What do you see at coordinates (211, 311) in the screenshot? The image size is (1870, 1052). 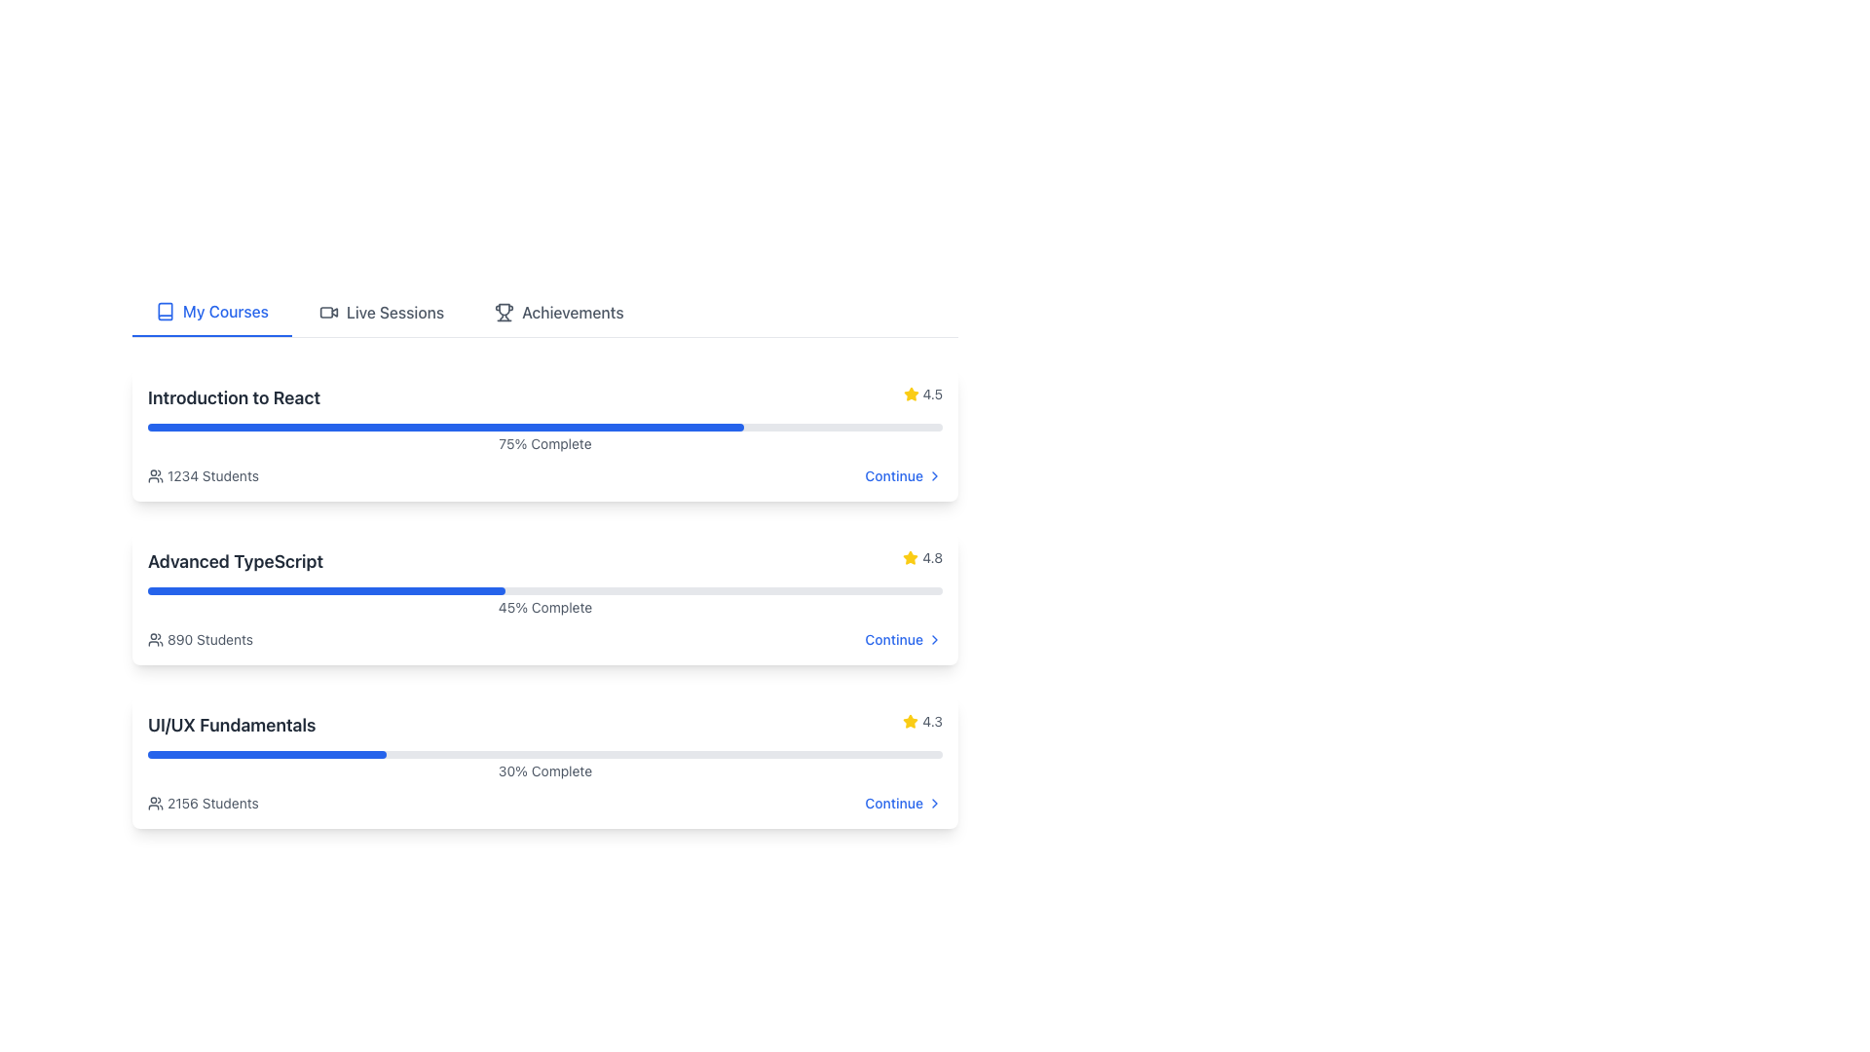 I see `the 'My Courses' tab navigation button, which features a blue book icon and is the first option in the tab navigation bar` at bounding box center [211, 311].